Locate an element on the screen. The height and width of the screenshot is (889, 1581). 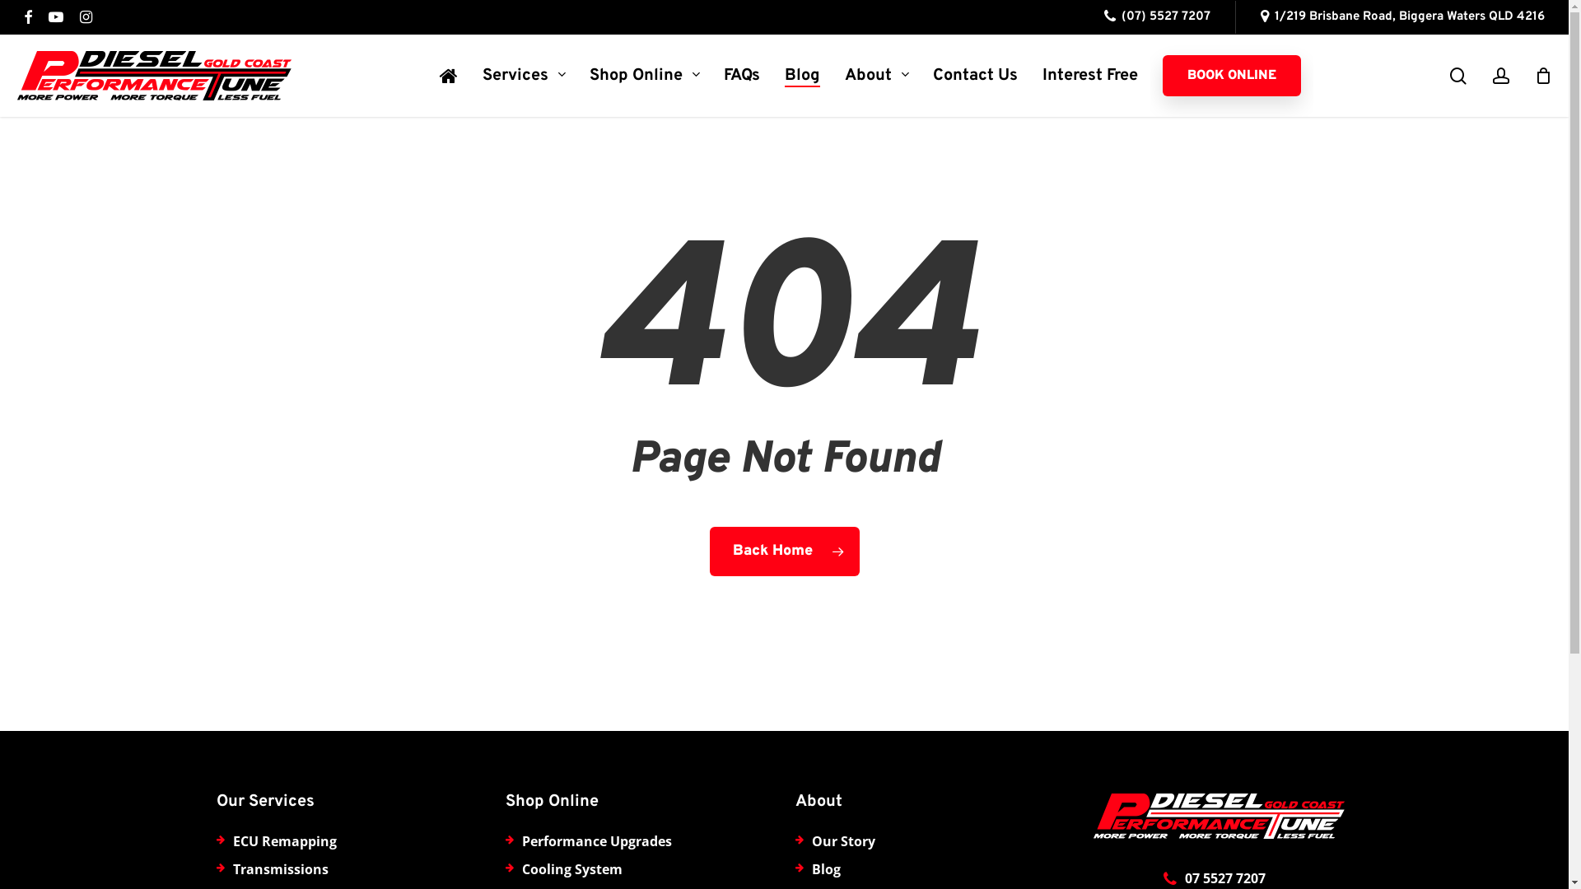
'Performance Upgrades' is located at coordinates (595, 841).